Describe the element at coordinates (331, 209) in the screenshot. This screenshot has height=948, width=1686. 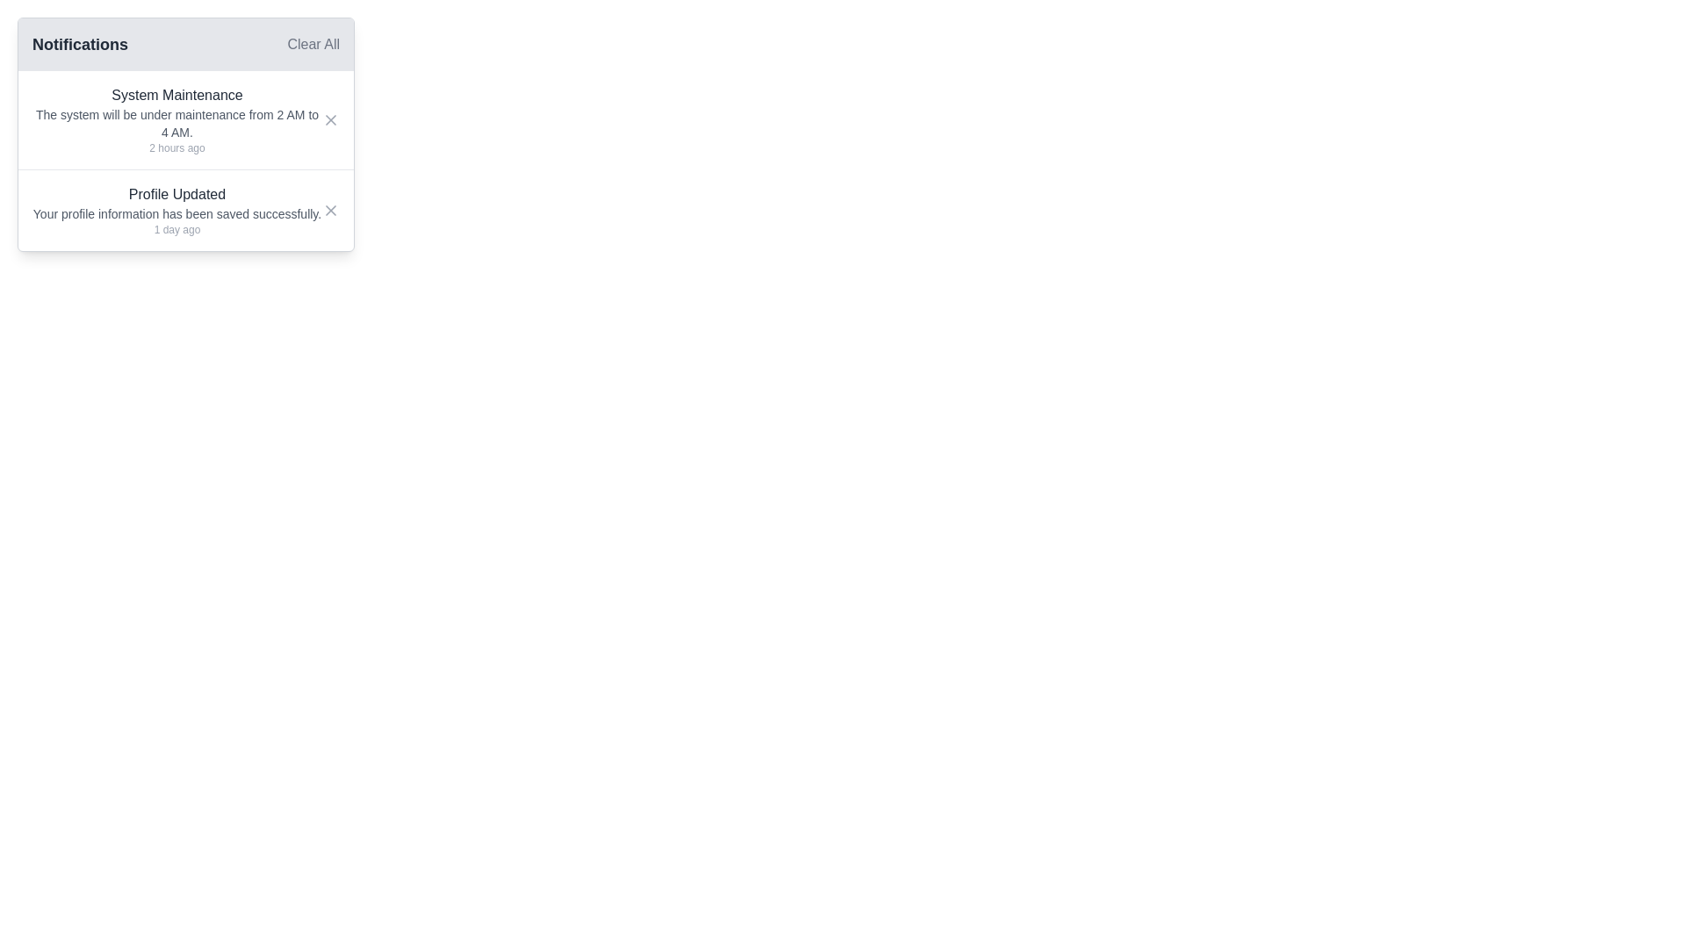
I see `the close icon button (an 'X' symbol) located at the top-right corner of the 'Profile Updated' notification card` at that location.